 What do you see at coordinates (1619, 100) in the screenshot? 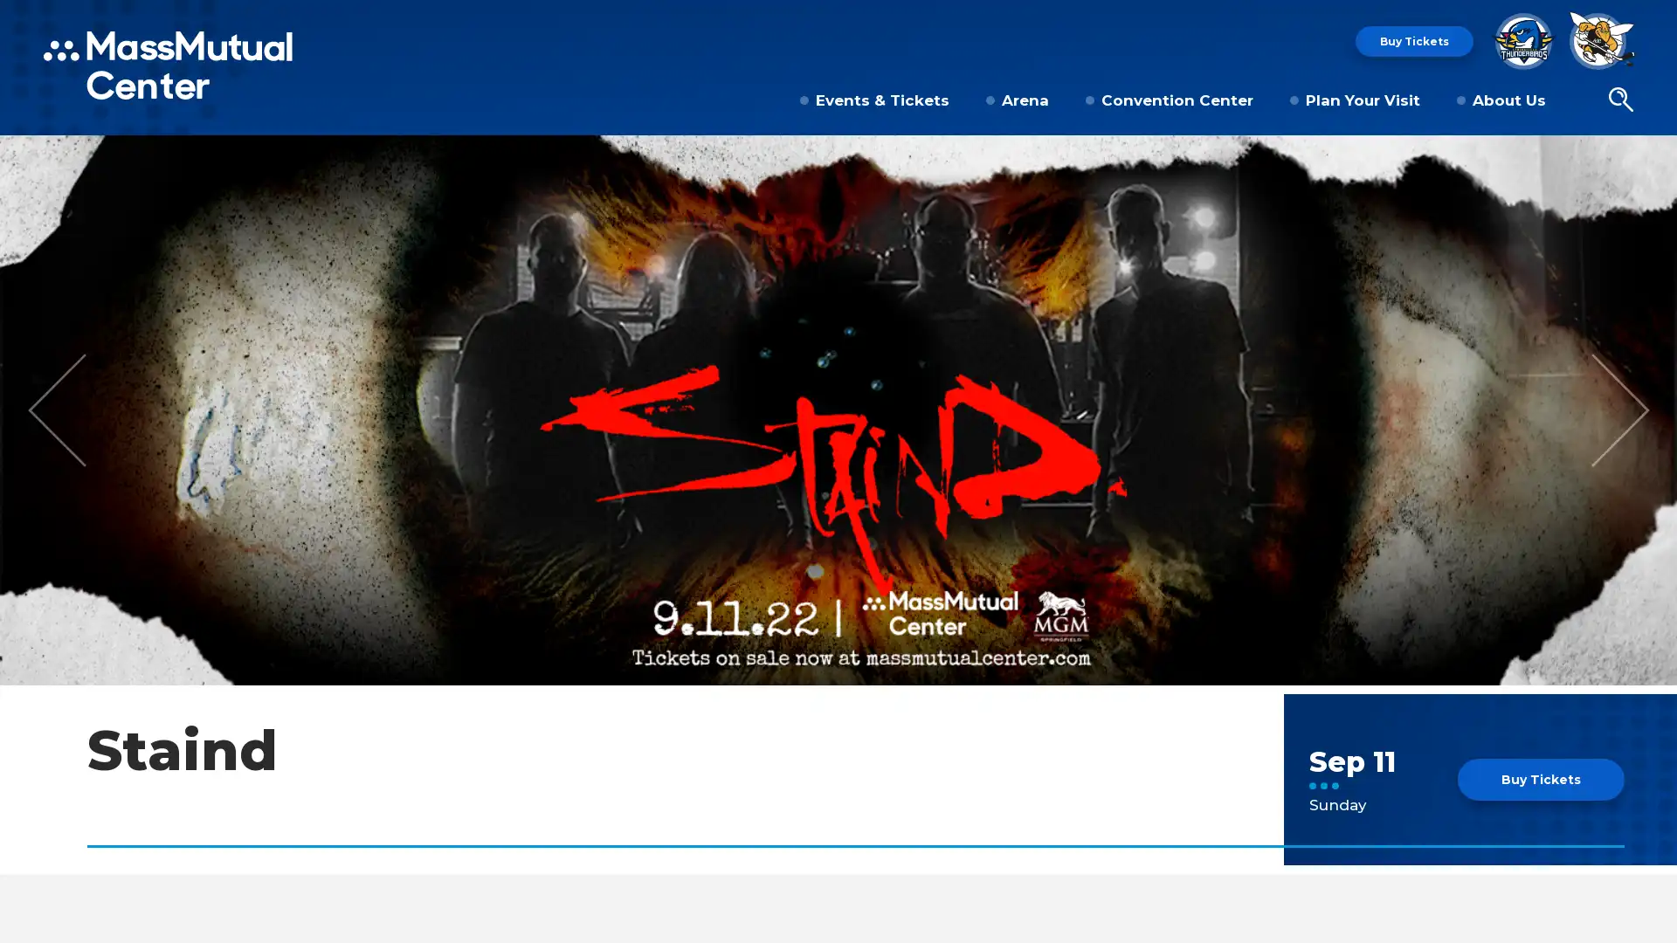
I see `Toggle Search` at bounding box center [1619, 100].